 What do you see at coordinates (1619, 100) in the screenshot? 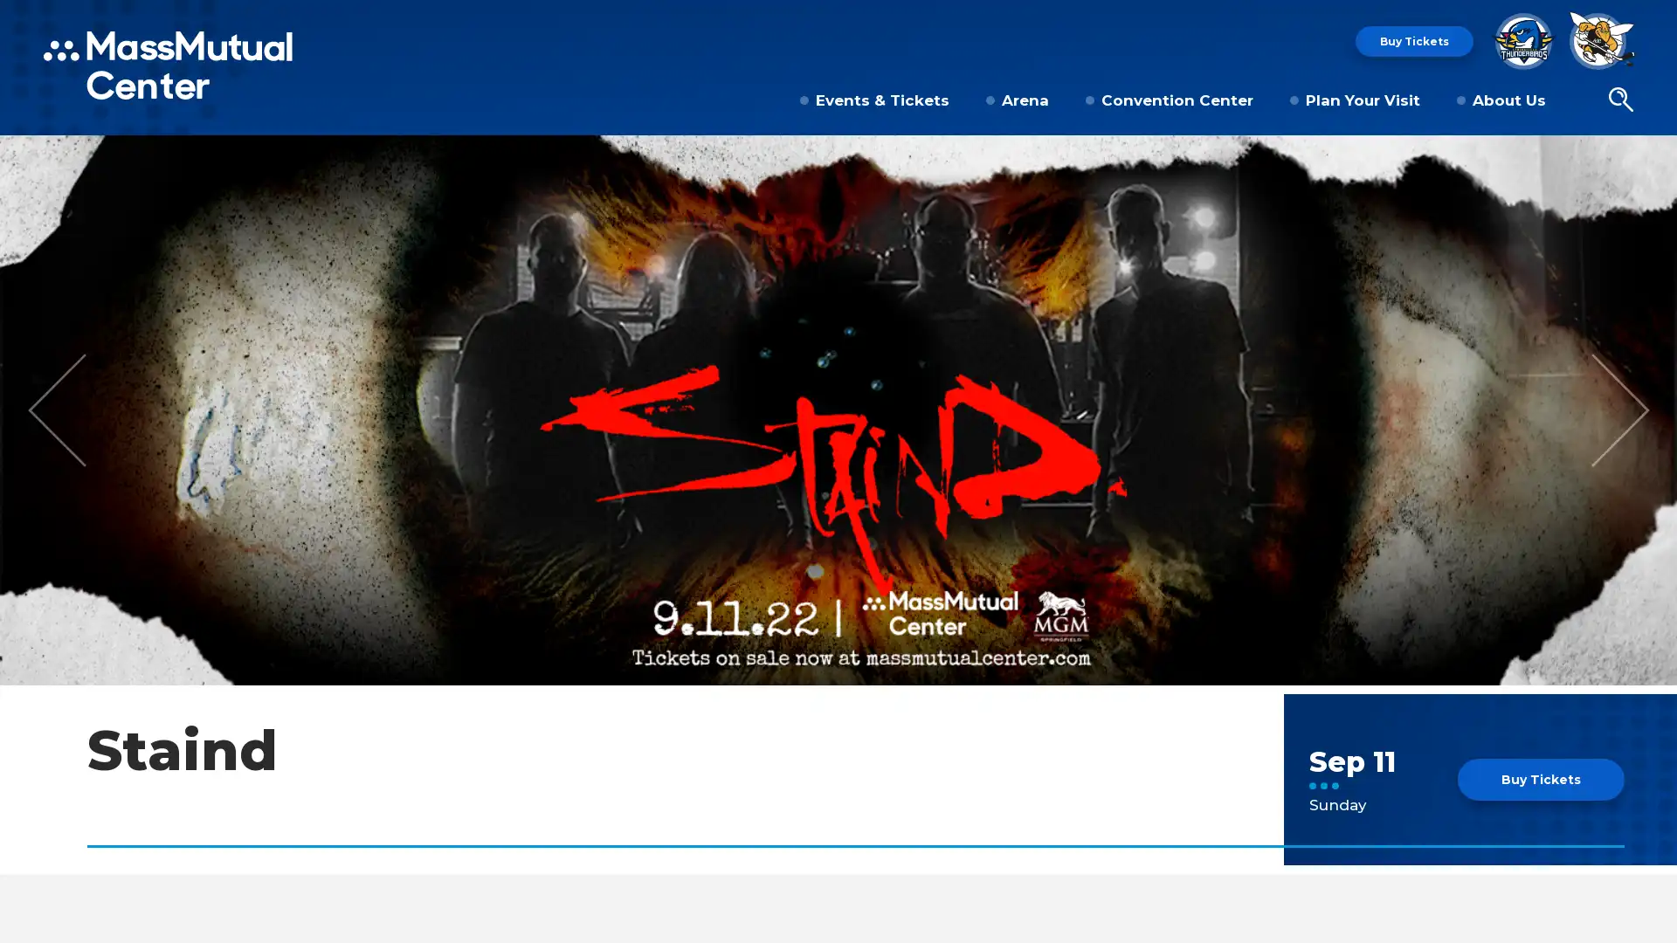
I see `Toggle Search` at bounding box center [1619, 100].